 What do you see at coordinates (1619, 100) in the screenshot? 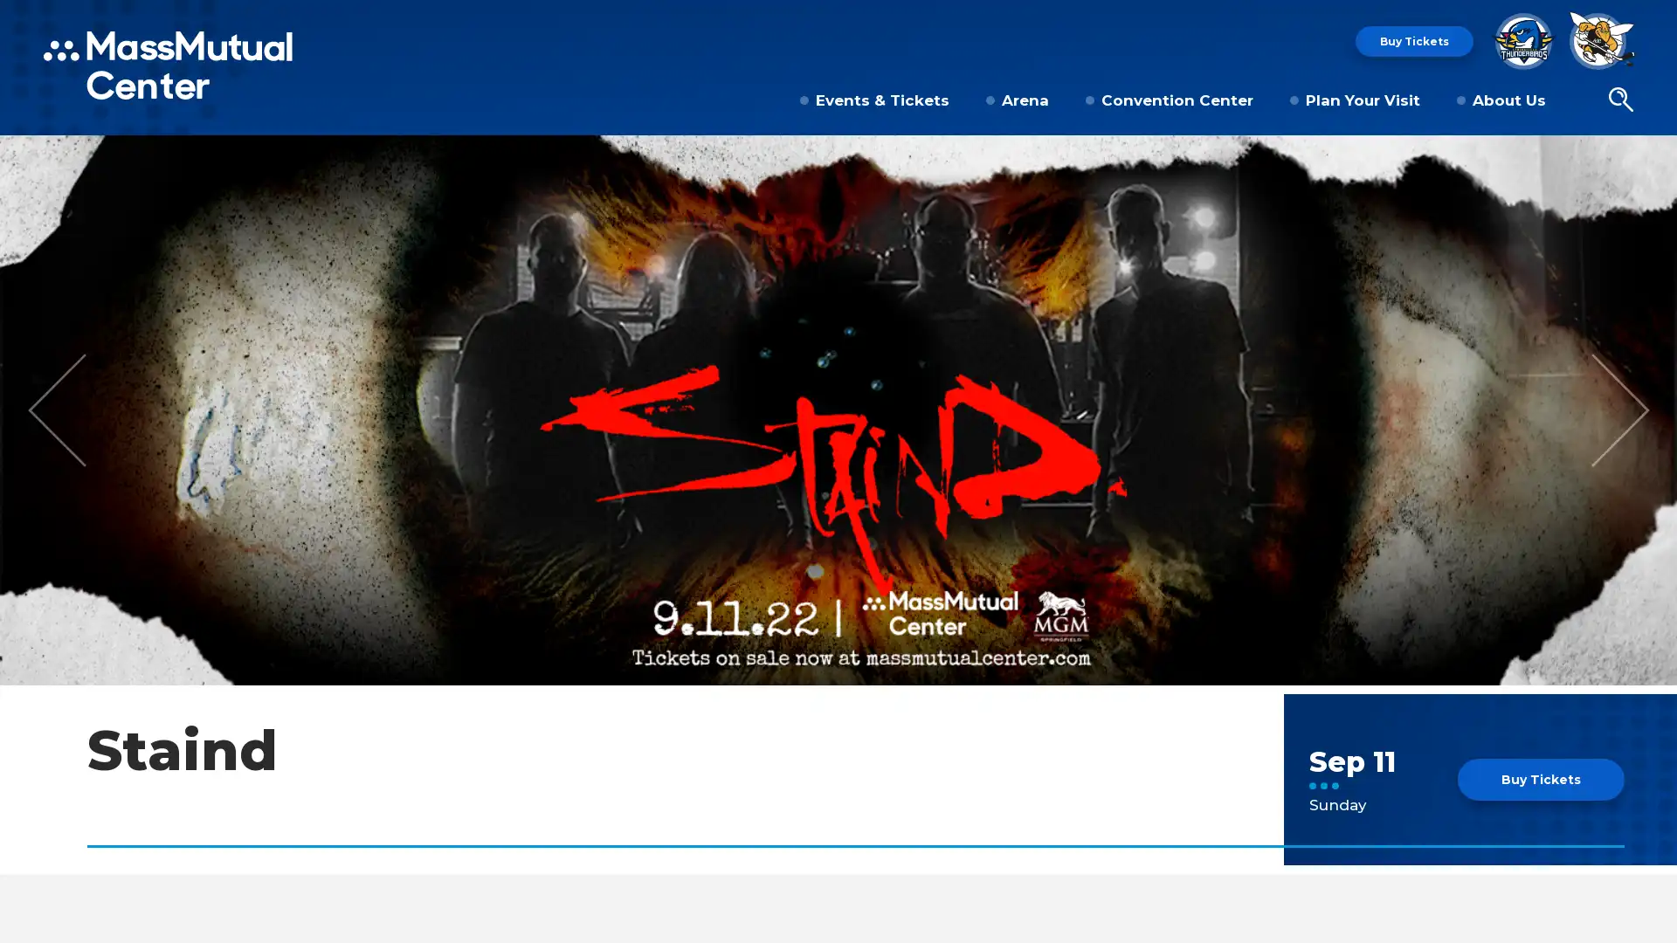
I see `Toggle Search` at bounding box center [1619, 100].